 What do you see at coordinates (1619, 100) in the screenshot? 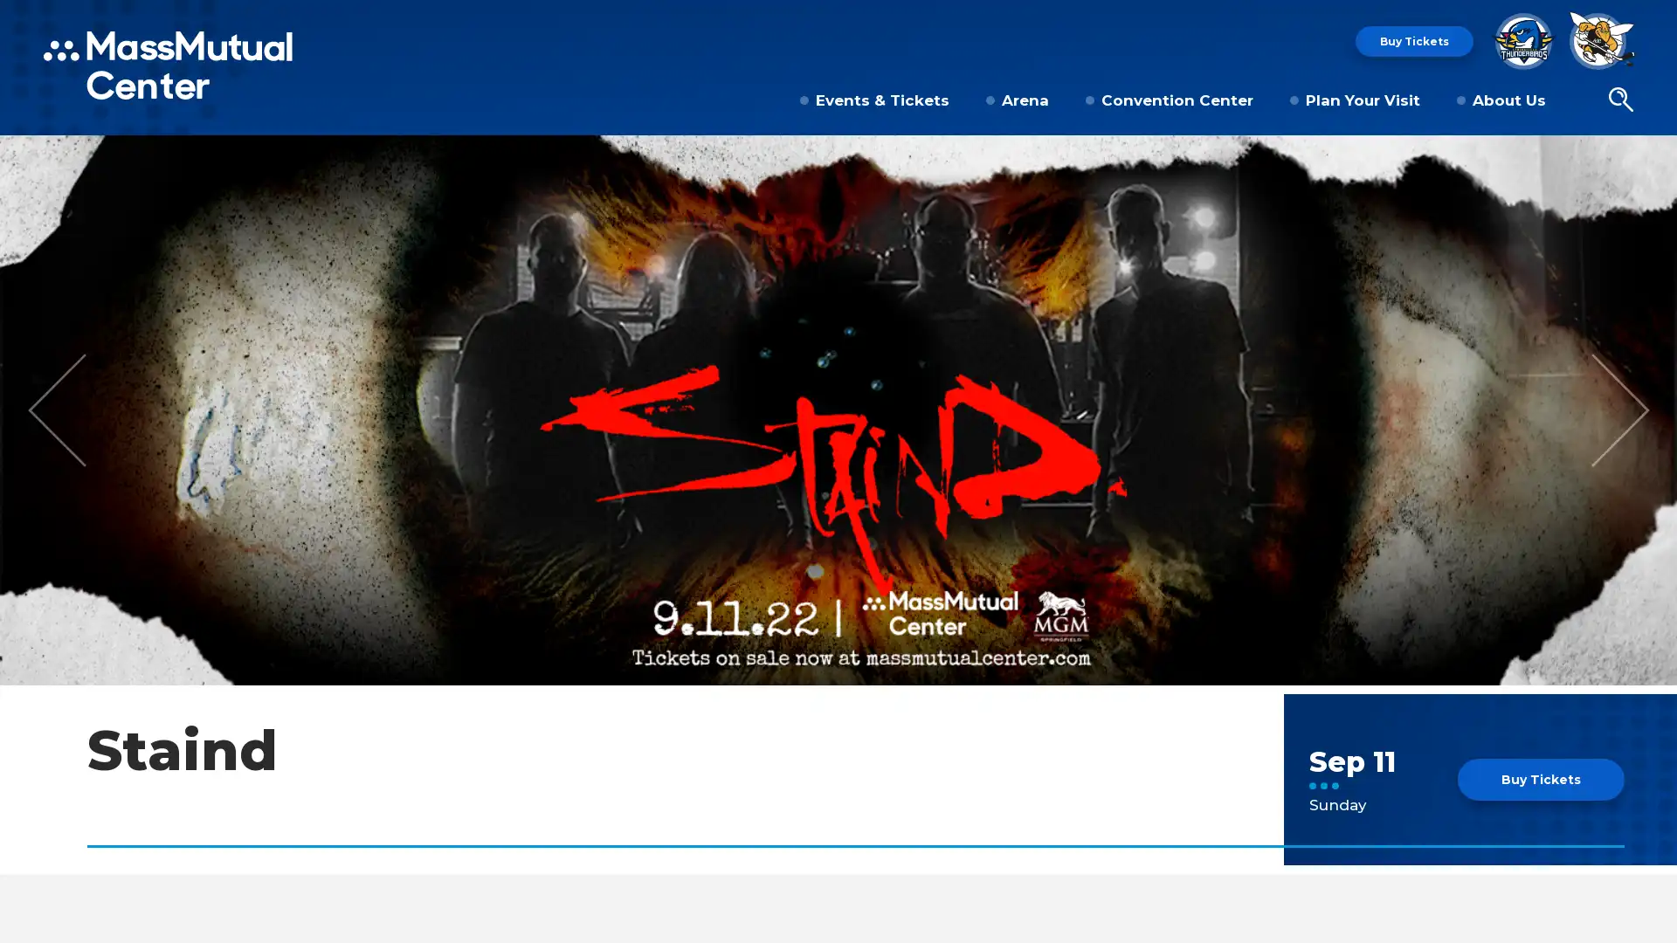
I see `Toggle Search` at bounding box center [1619, 100].